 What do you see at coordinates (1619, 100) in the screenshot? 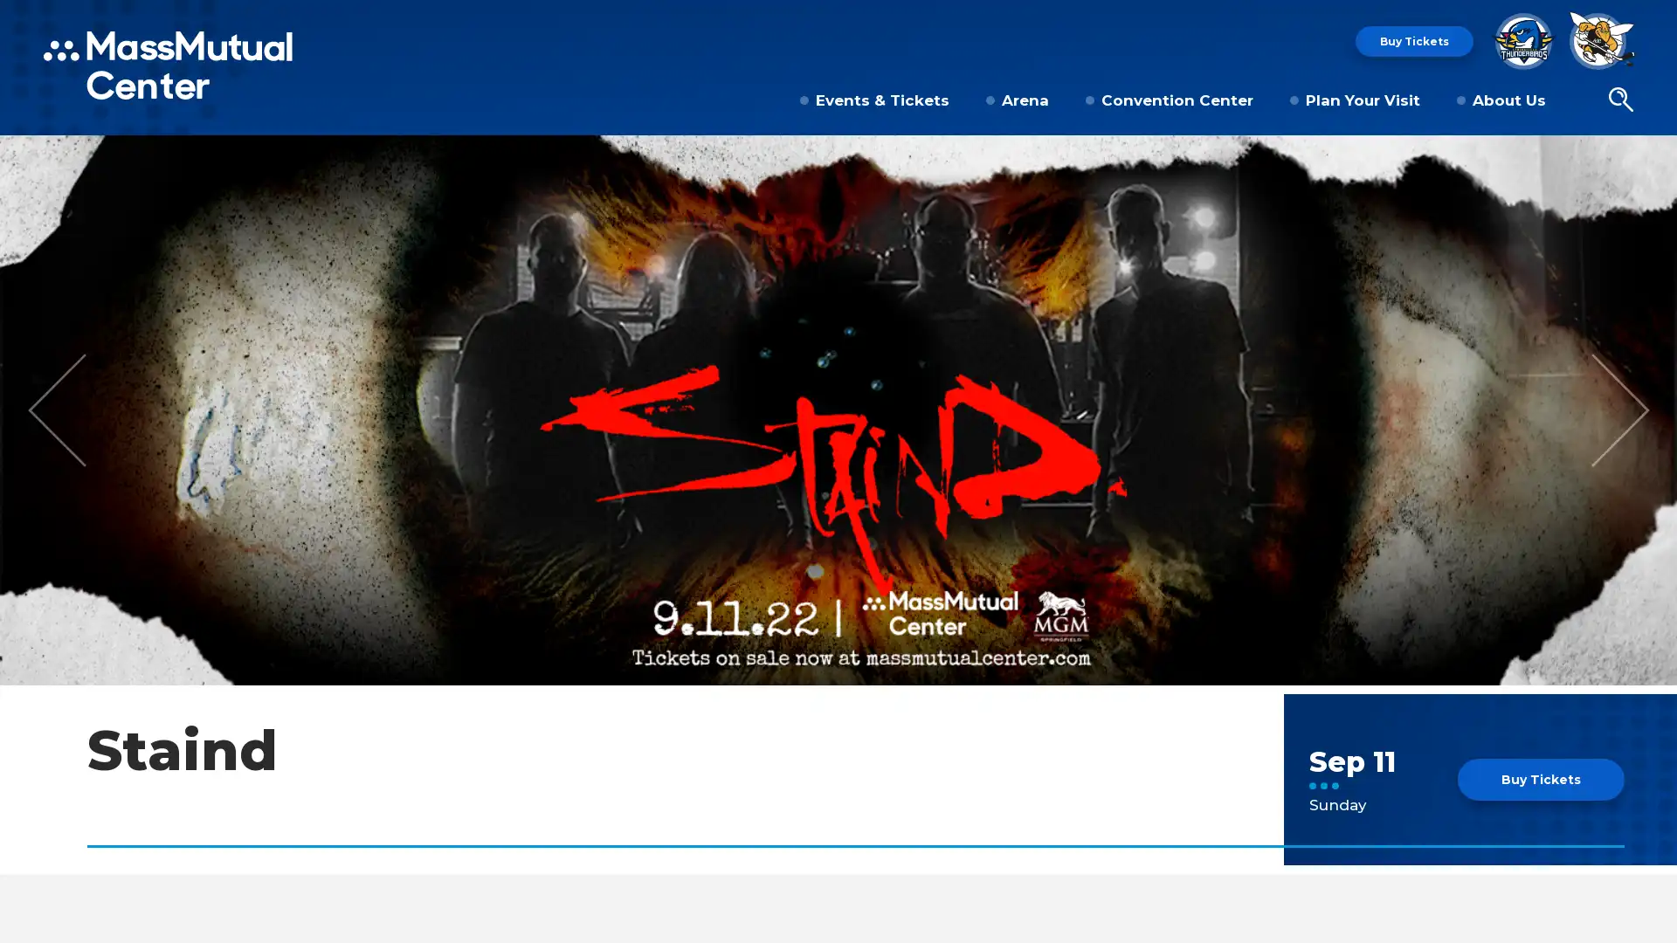
I see `Toggle Search` at bounding box center [1619, 100].